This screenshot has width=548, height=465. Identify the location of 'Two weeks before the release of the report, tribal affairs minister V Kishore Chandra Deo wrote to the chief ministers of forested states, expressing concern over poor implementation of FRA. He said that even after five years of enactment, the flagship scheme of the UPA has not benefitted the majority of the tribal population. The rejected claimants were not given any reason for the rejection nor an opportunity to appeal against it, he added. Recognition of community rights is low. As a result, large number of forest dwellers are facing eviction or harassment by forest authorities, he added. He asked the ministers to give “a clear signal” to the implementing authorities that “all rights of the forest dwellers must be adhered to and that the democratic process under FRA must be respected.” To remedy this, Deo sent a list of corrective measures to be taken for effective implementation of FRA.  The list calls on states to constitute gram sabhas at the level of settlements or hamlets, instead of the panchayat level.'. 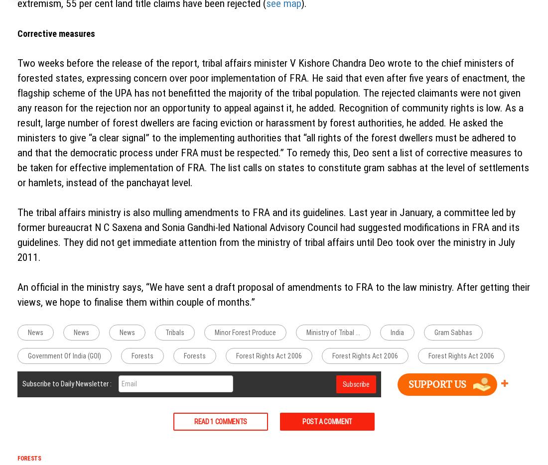
(273, 123).